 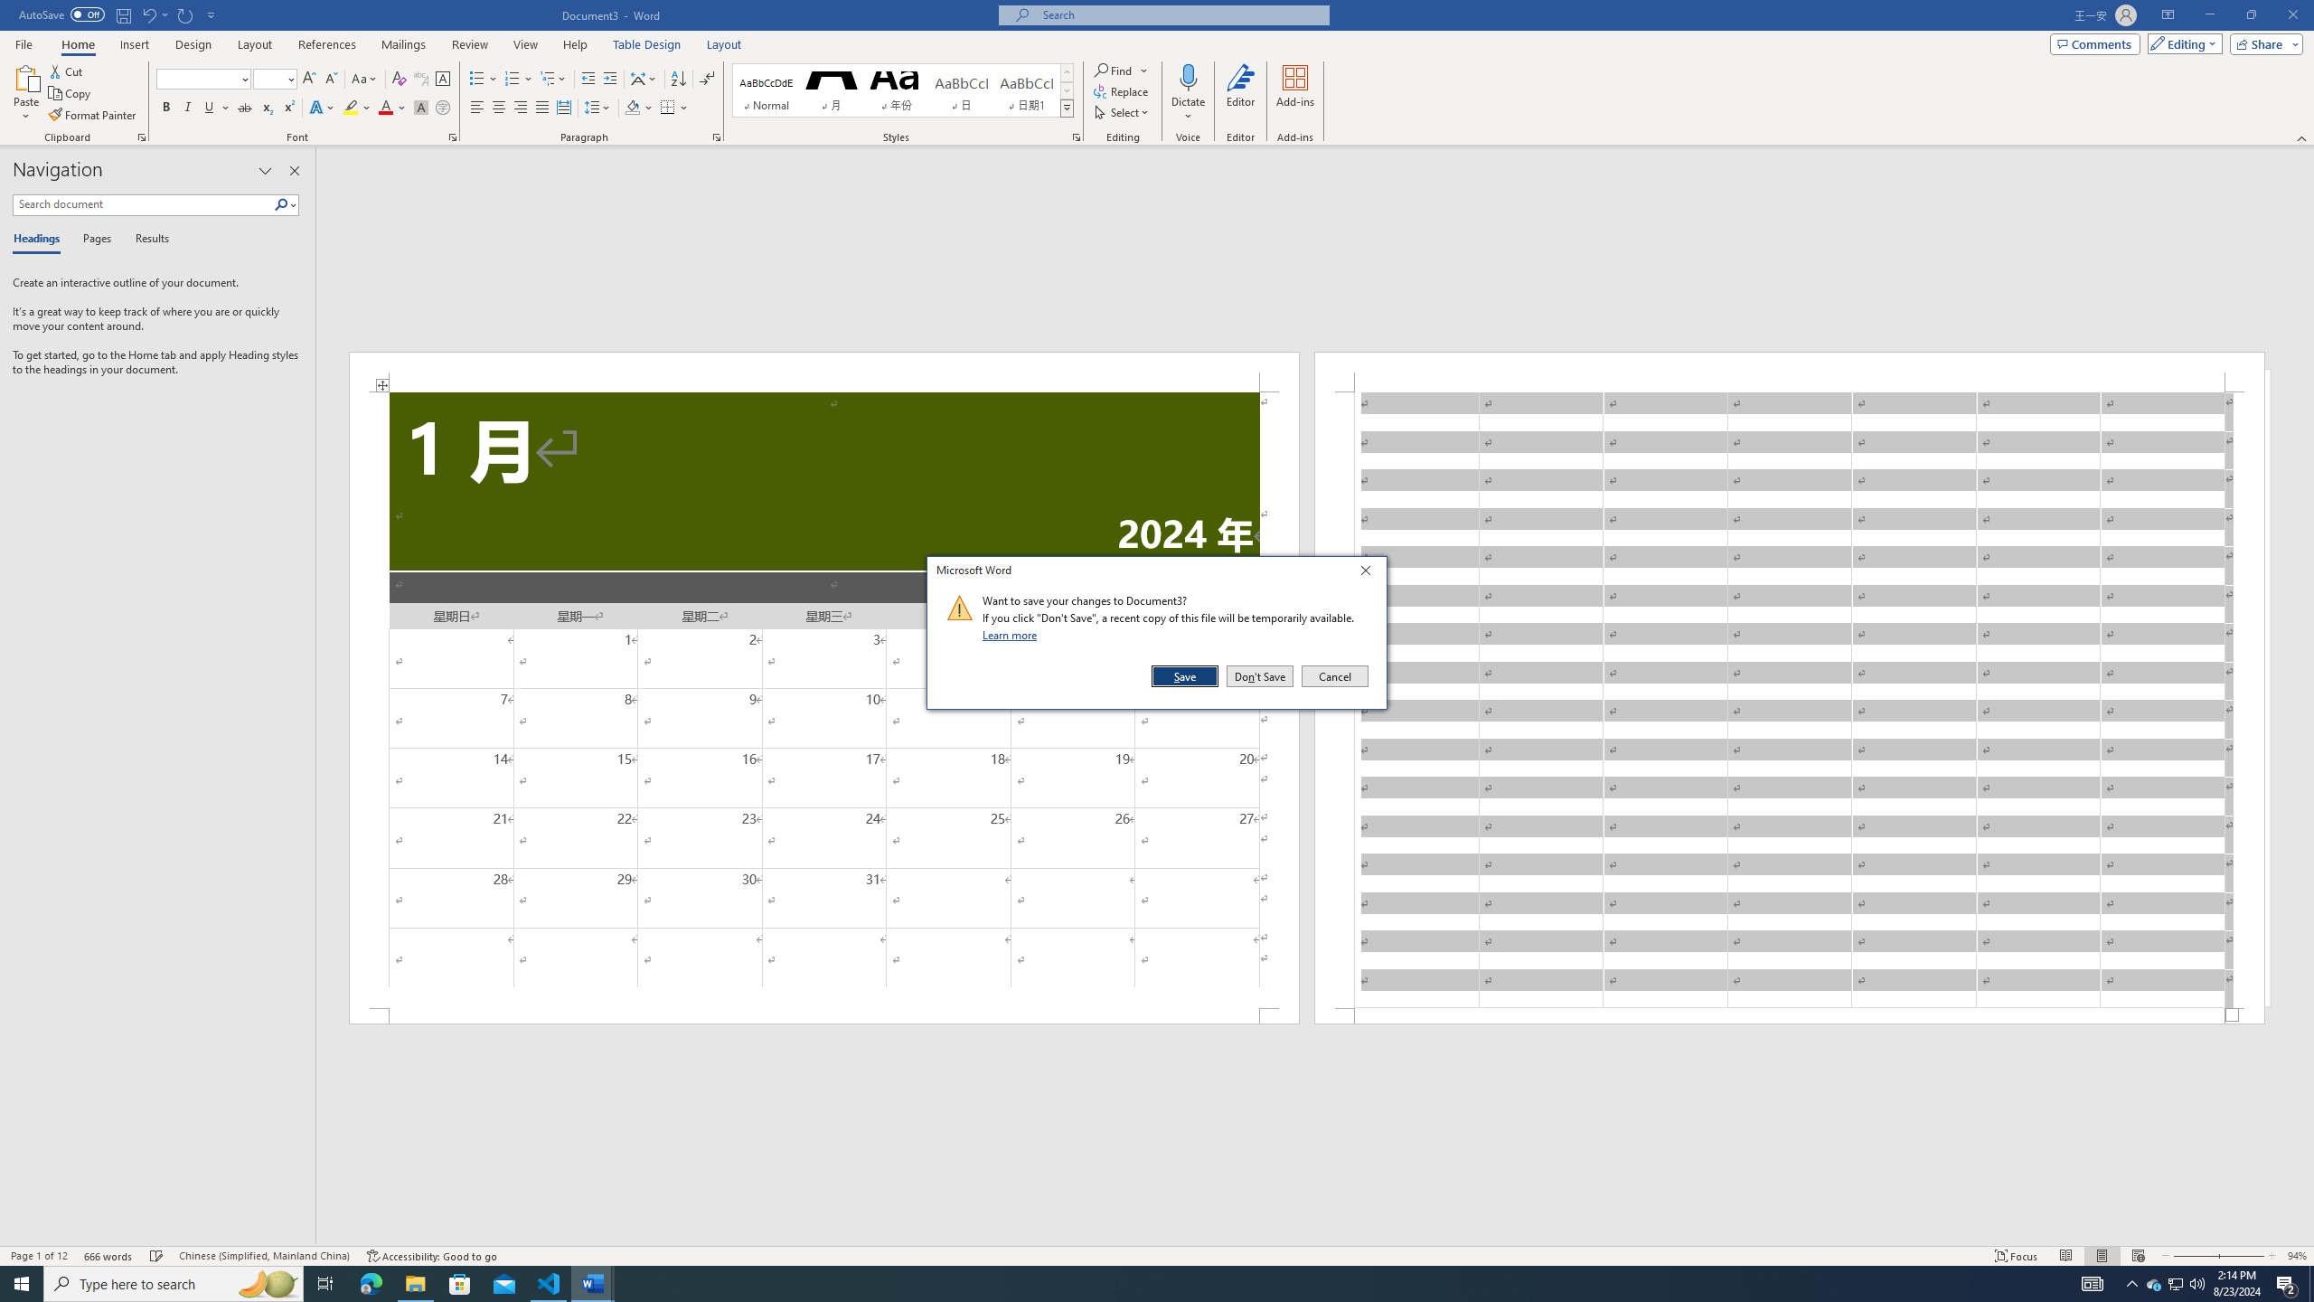 What do you see at coordinates (287, 107) in the screenshot?
I see `'Superscript'` at bounding box center [287, 107].